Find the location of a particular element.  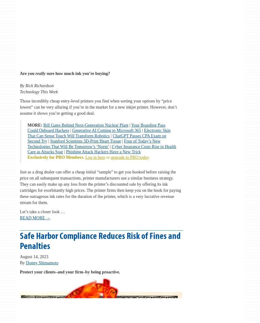

'ChatGPT Passes CPA Exam on Second Try' is located at coordinates (97, 138).